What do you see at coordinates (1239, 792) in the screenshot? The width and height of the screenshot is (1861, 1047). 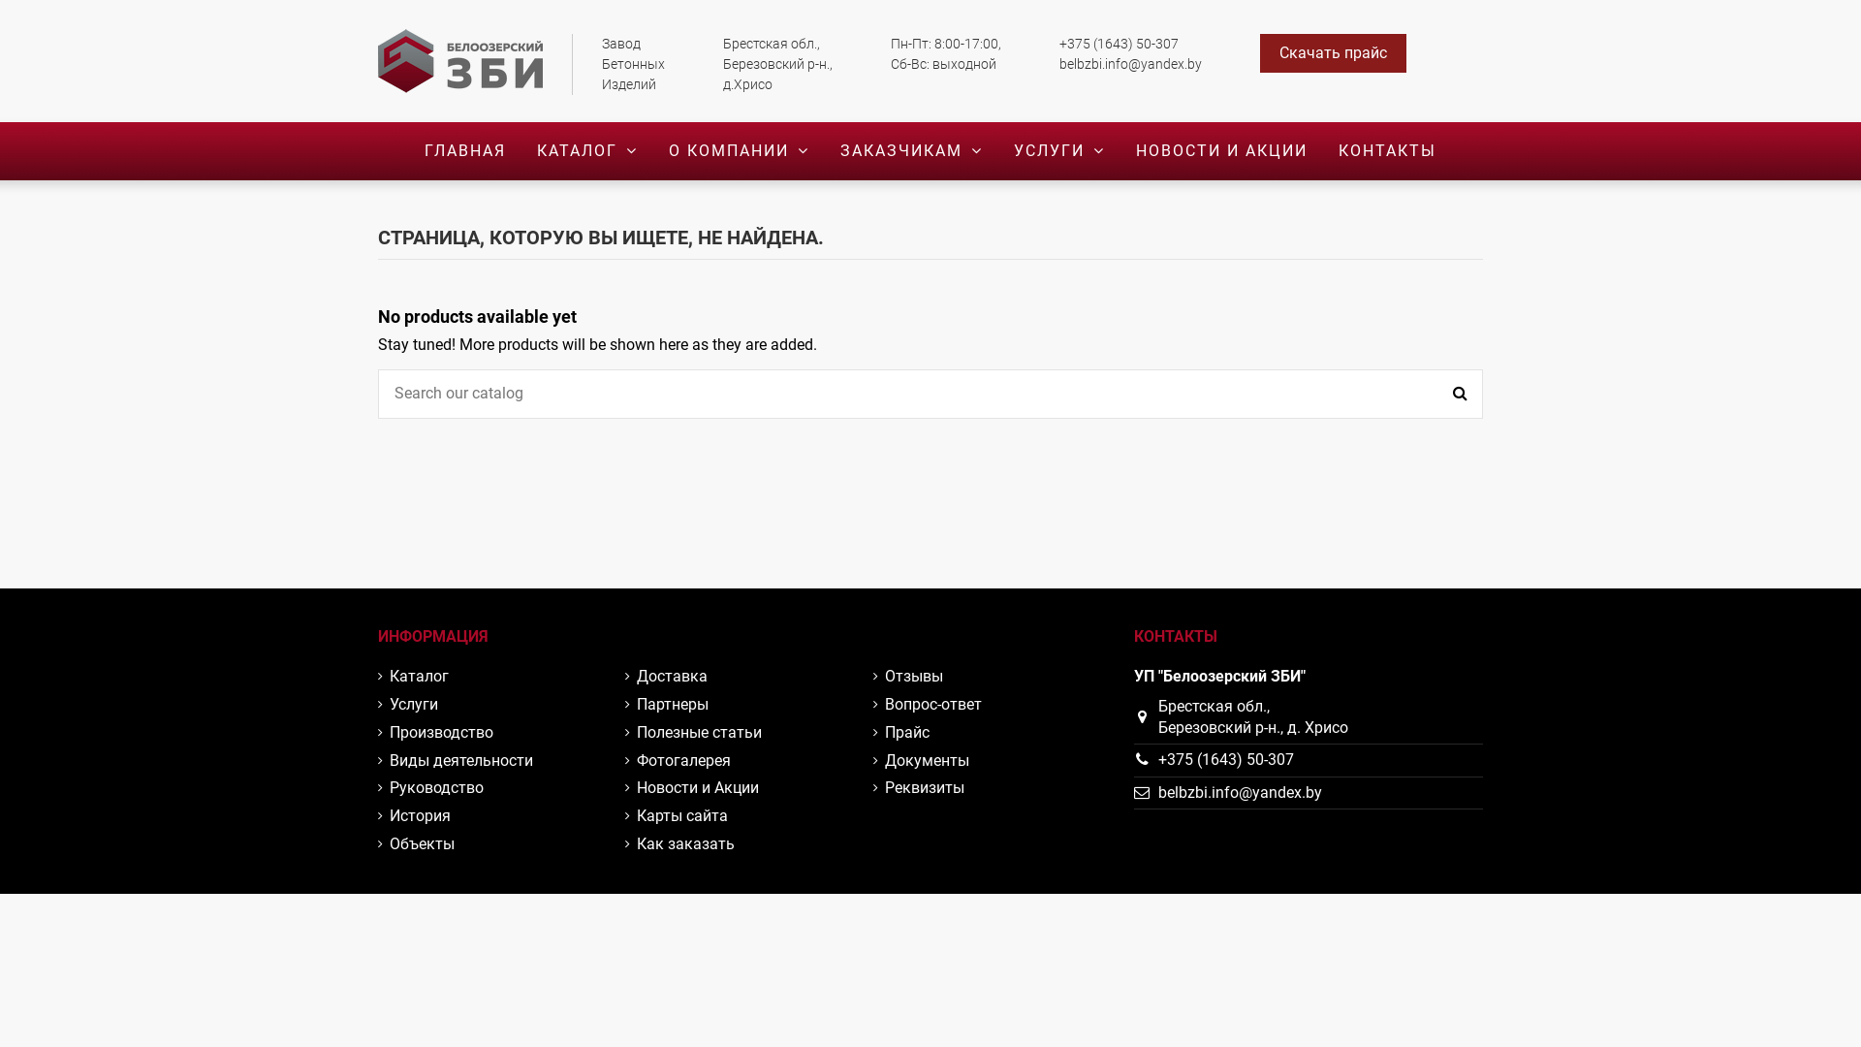 I see `'belbzbi.info@yandex.by'` at bounding box center [1239, 792].